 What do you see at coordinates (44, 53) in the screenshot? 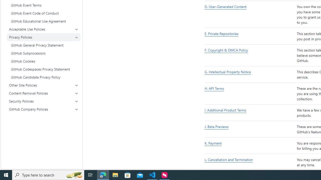
I see `'GitHub Subprocessors'` at bounding box center [44, 53].